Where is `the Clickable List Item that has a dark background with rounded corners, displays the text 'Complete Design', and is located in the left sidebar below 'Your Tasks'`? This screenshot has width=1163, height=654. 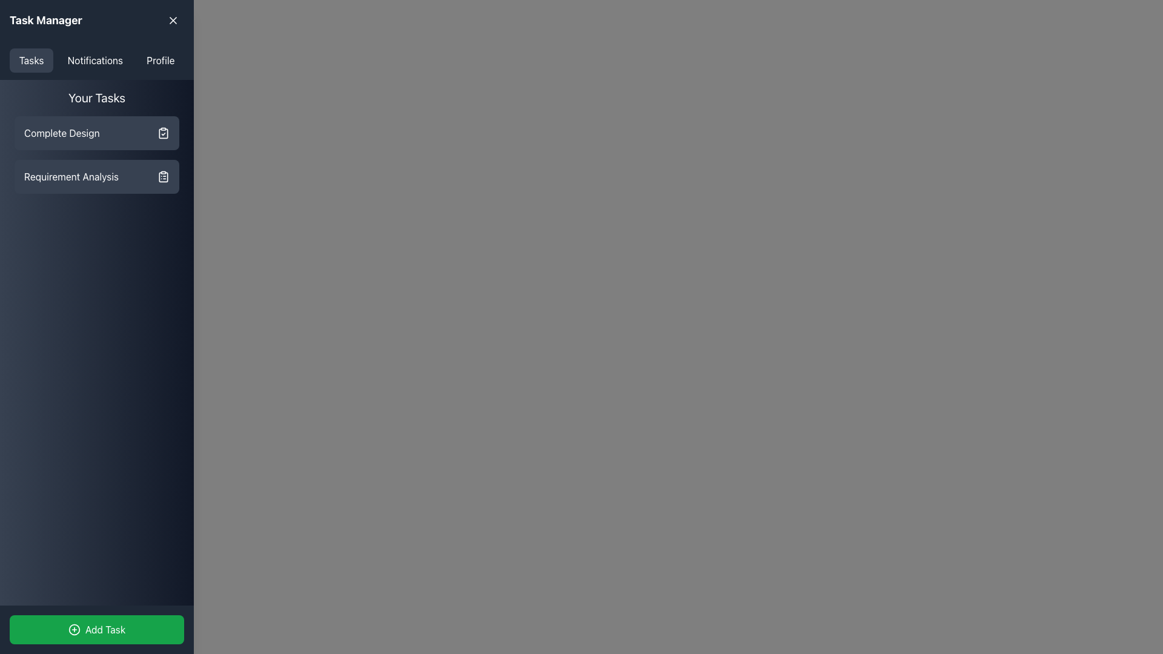 the Clickable List Item that has a dark background with rounded corners, displays the text 'Complete Design', and is located in the left sidebar below 'Your Tasks' is located at coordinates (96, 133).